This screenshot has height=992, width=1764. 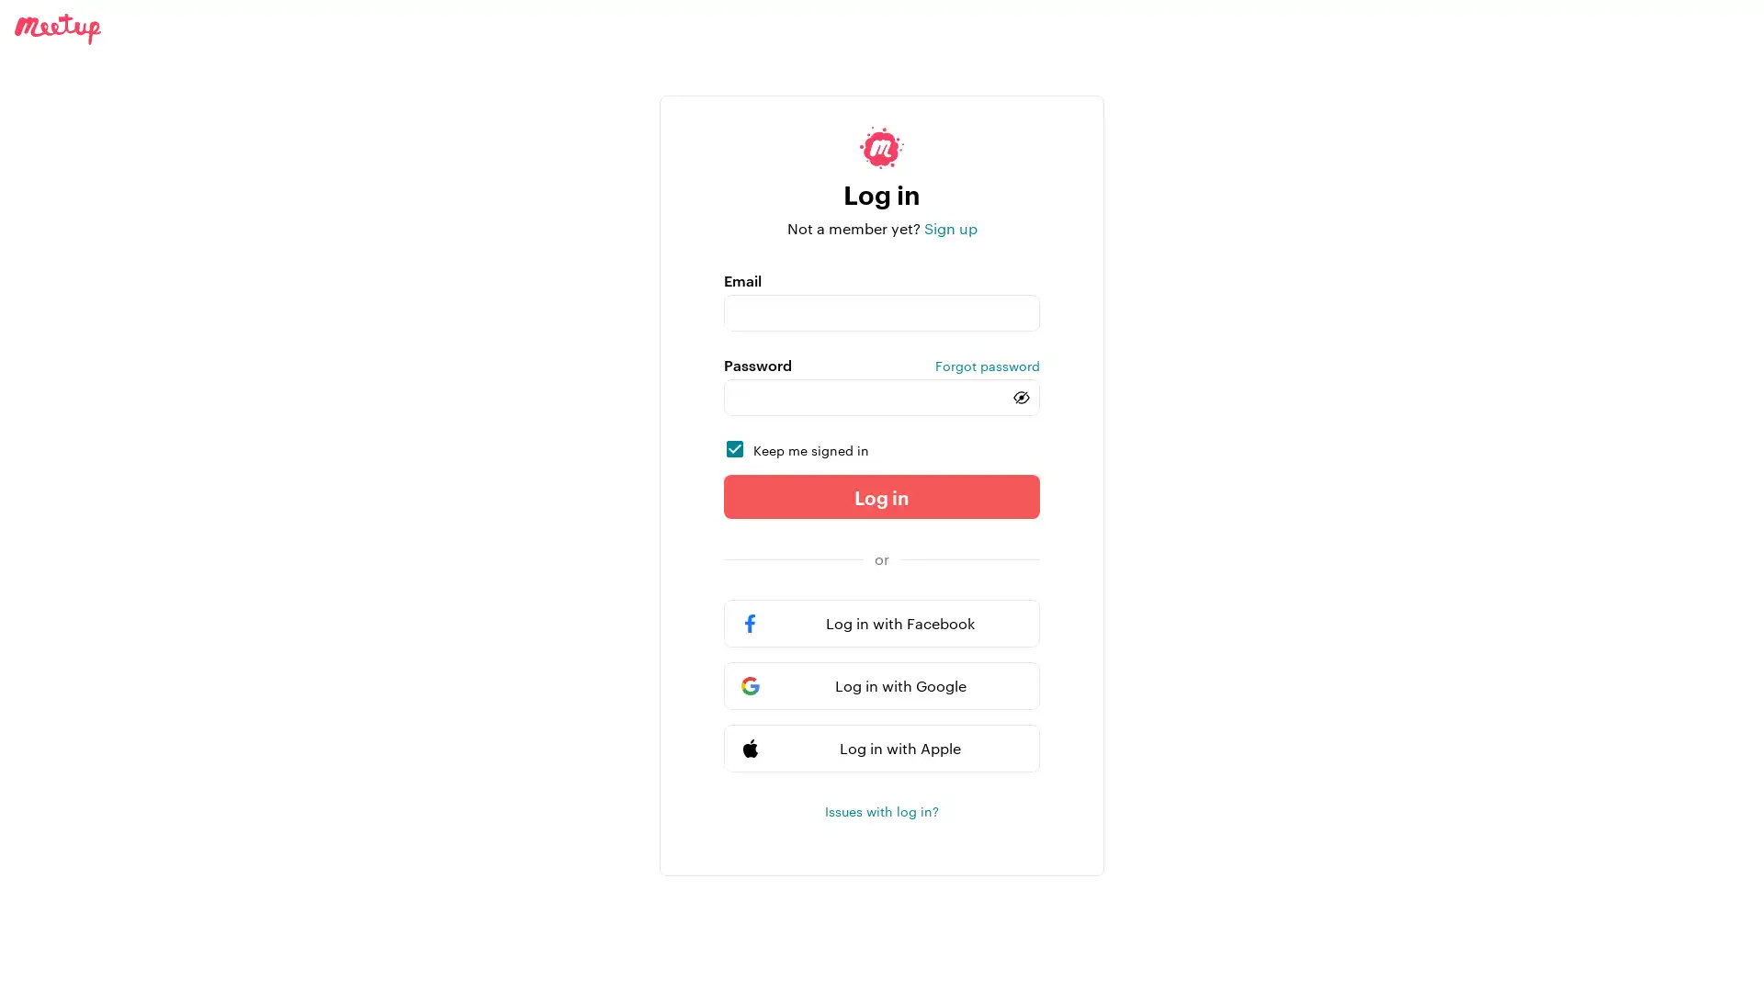 What do you see at coordinates (882, 686) in the screenshot?
I see `Log in with Google` at bounding box center [882, 686].